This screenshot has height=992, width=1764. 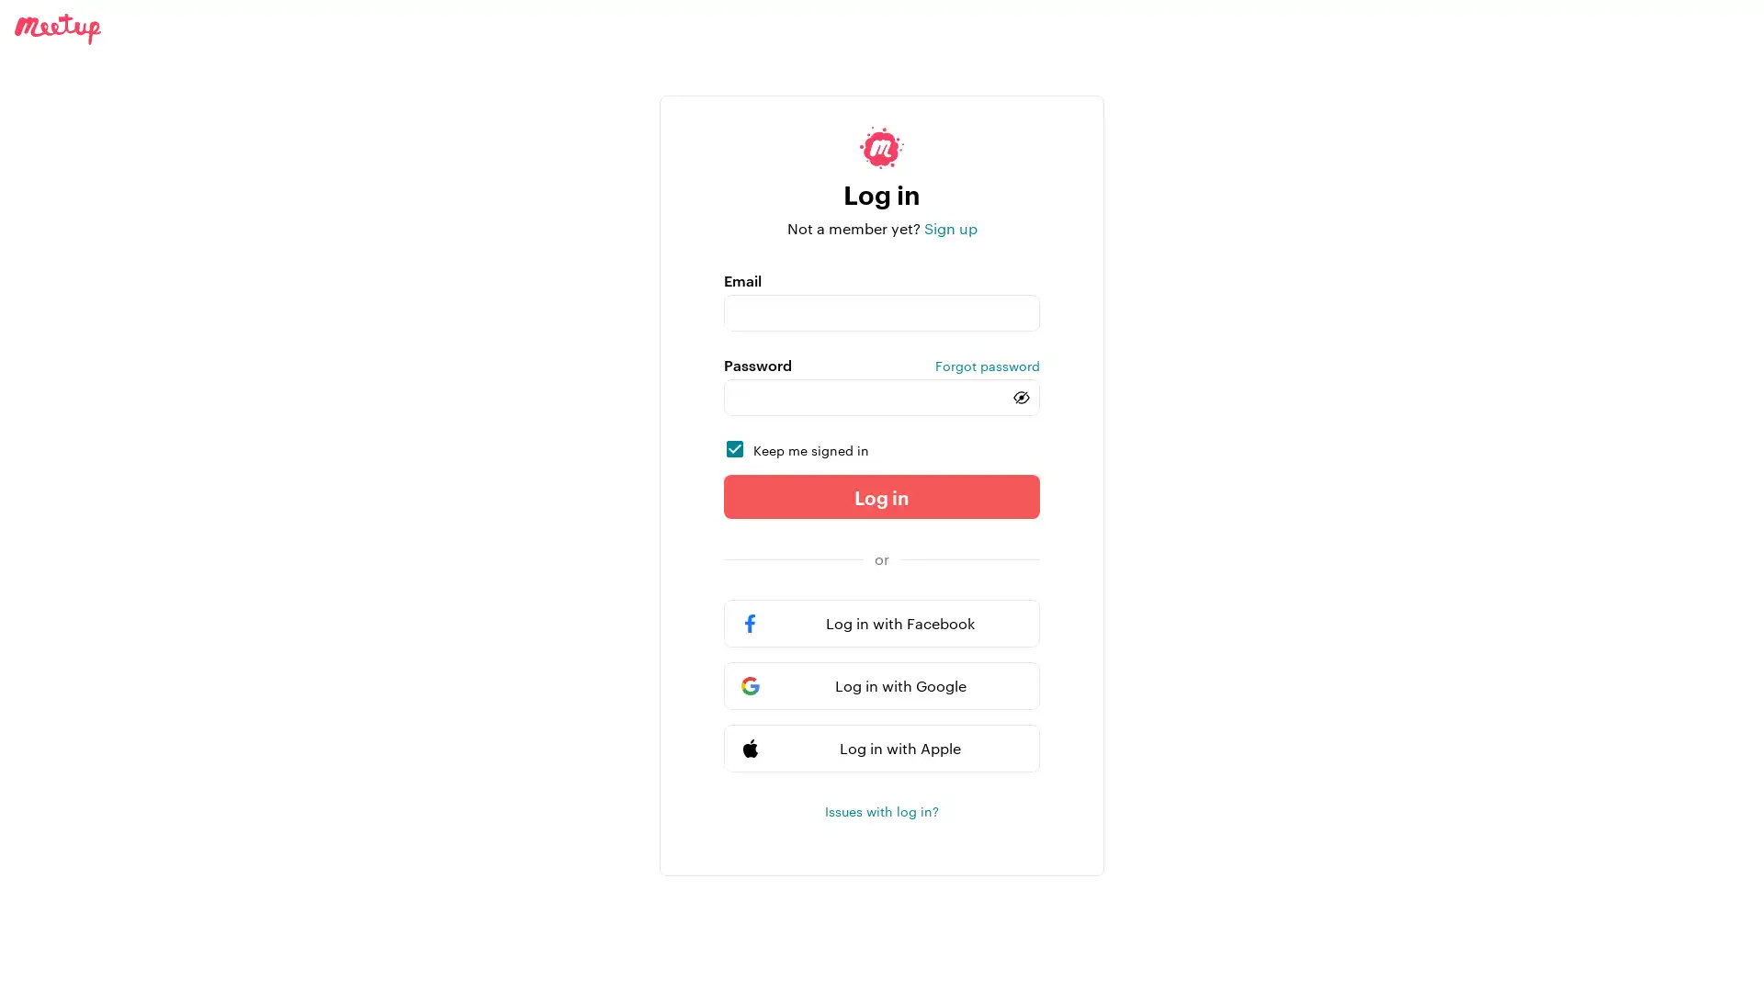 What do you see at coordinates (882, 686) in the screenshot?
I see `Log in with Google` at bounding box center [882, 686].